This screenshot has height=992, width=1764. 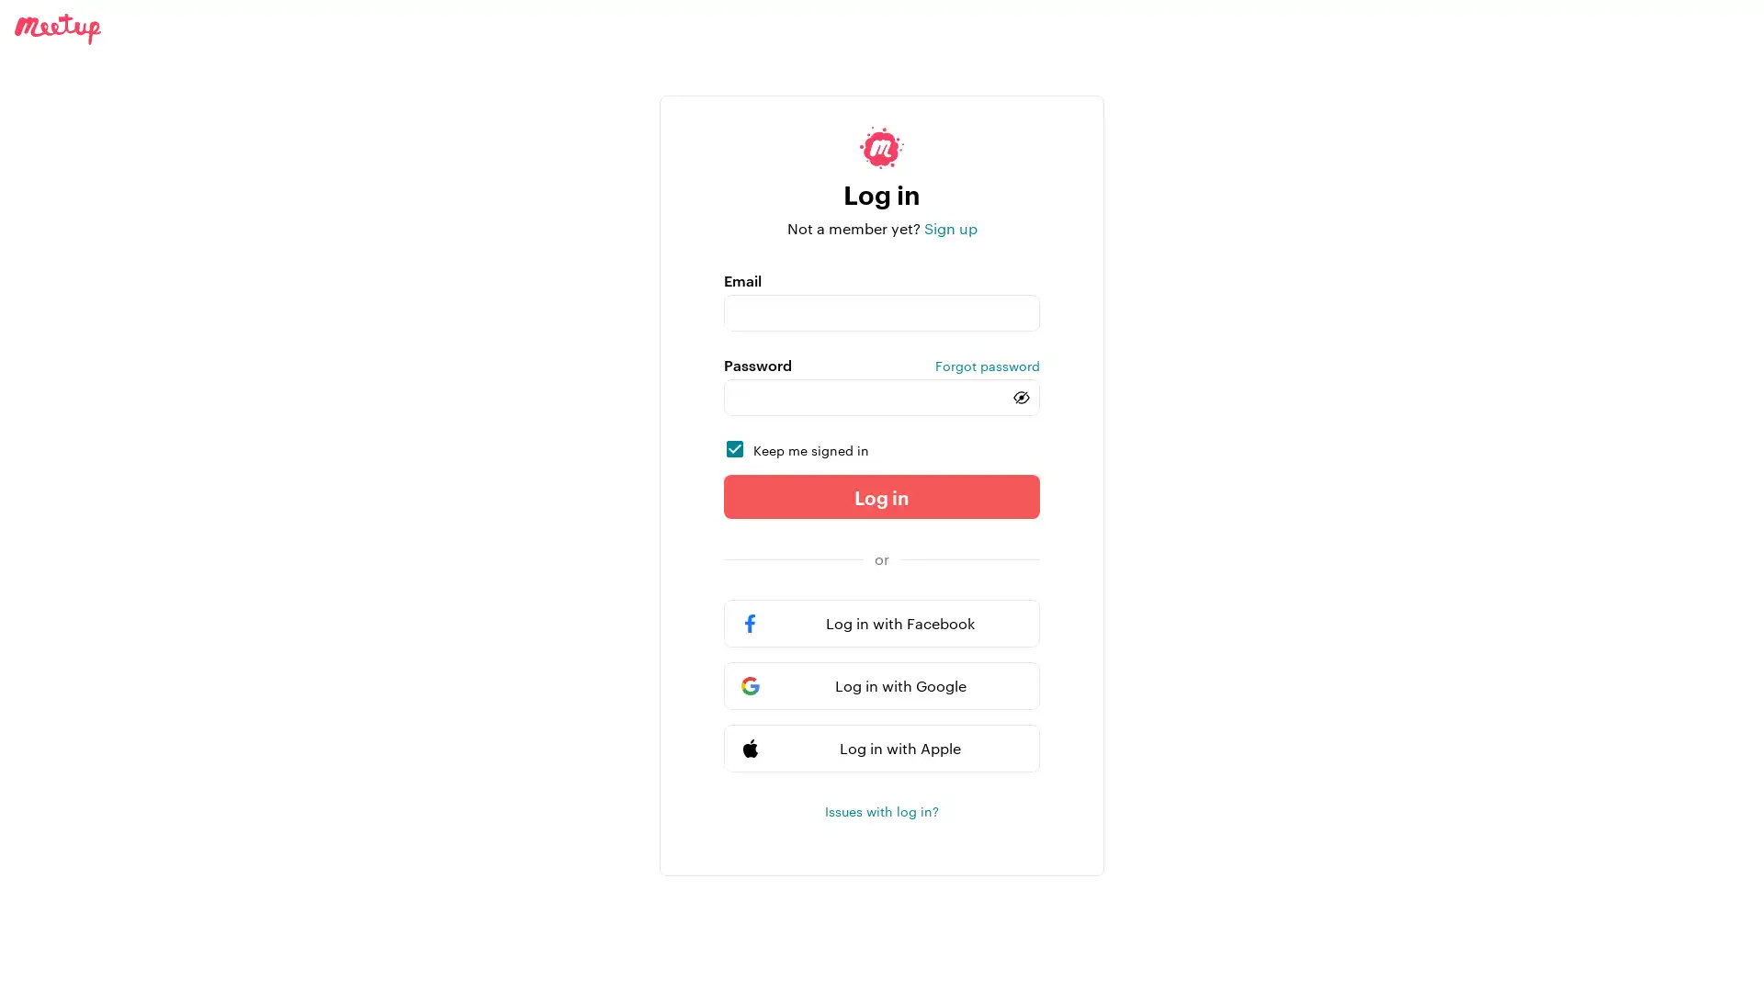 What do you see at coordinates (882, 686) in the screenshot?
I see `Log in with Google` at bounding box center [882, 686].